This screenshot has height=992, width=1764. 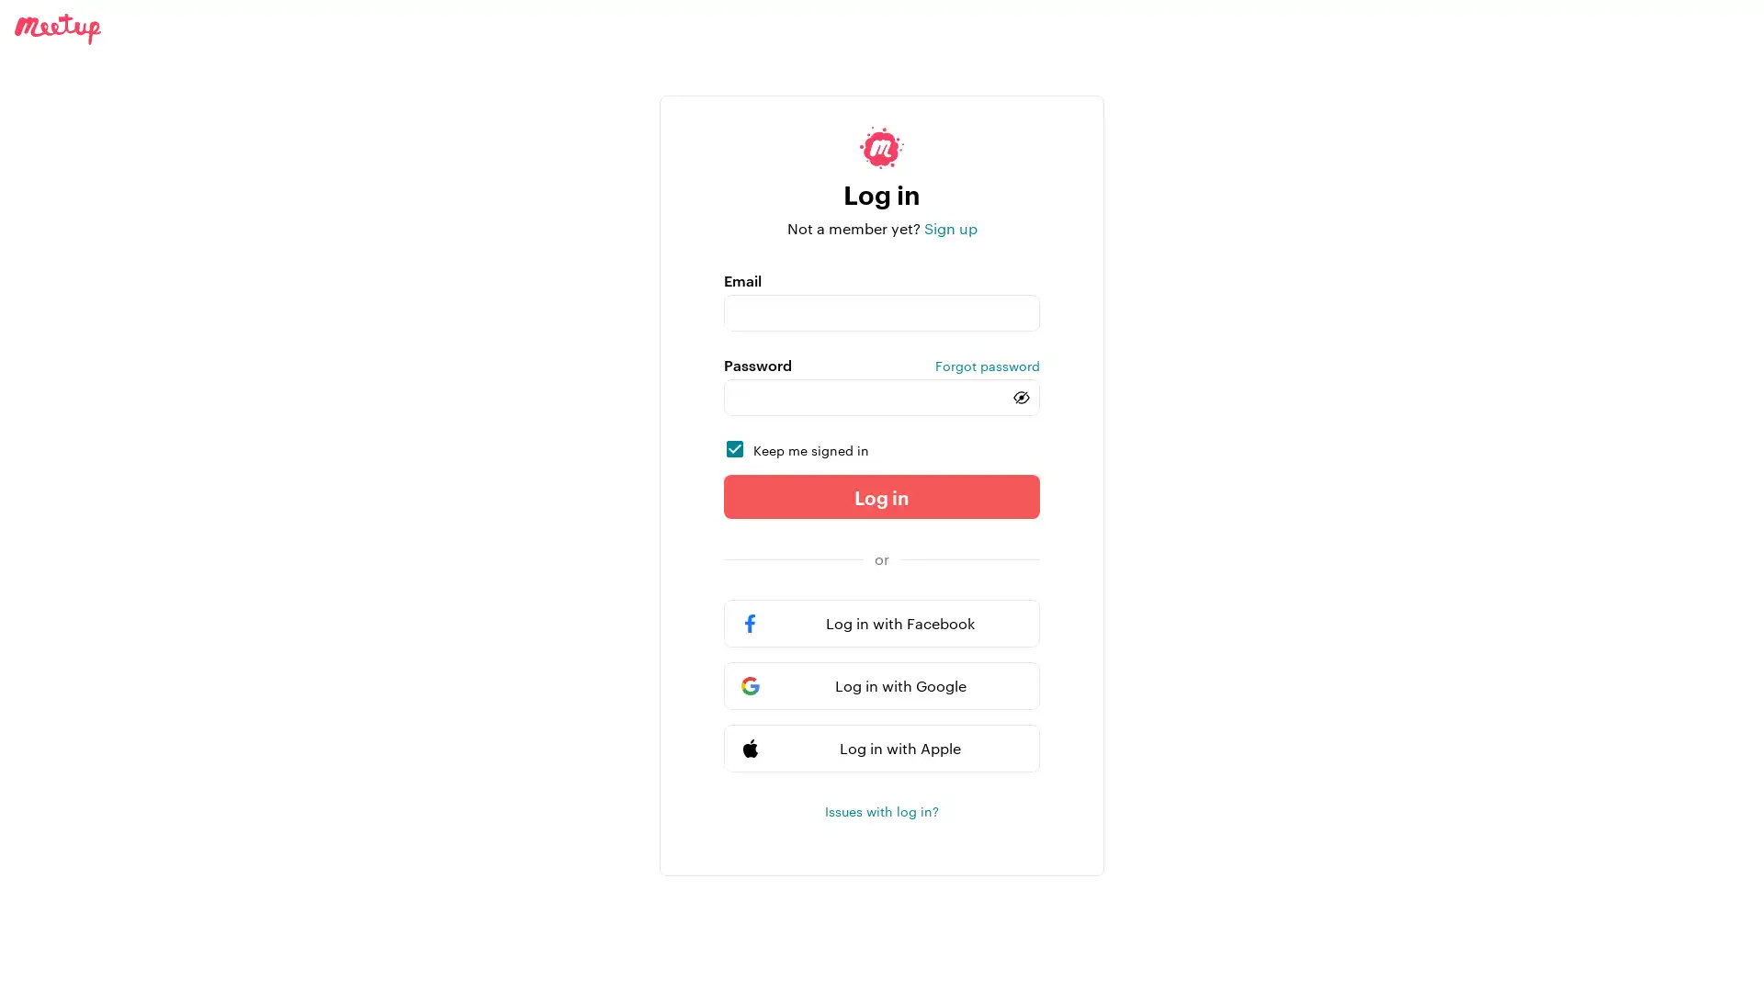 What do you see at coordinates (882, 686) in the screenshot?
I see `Log in with Google` at bounding box center [882, 686].